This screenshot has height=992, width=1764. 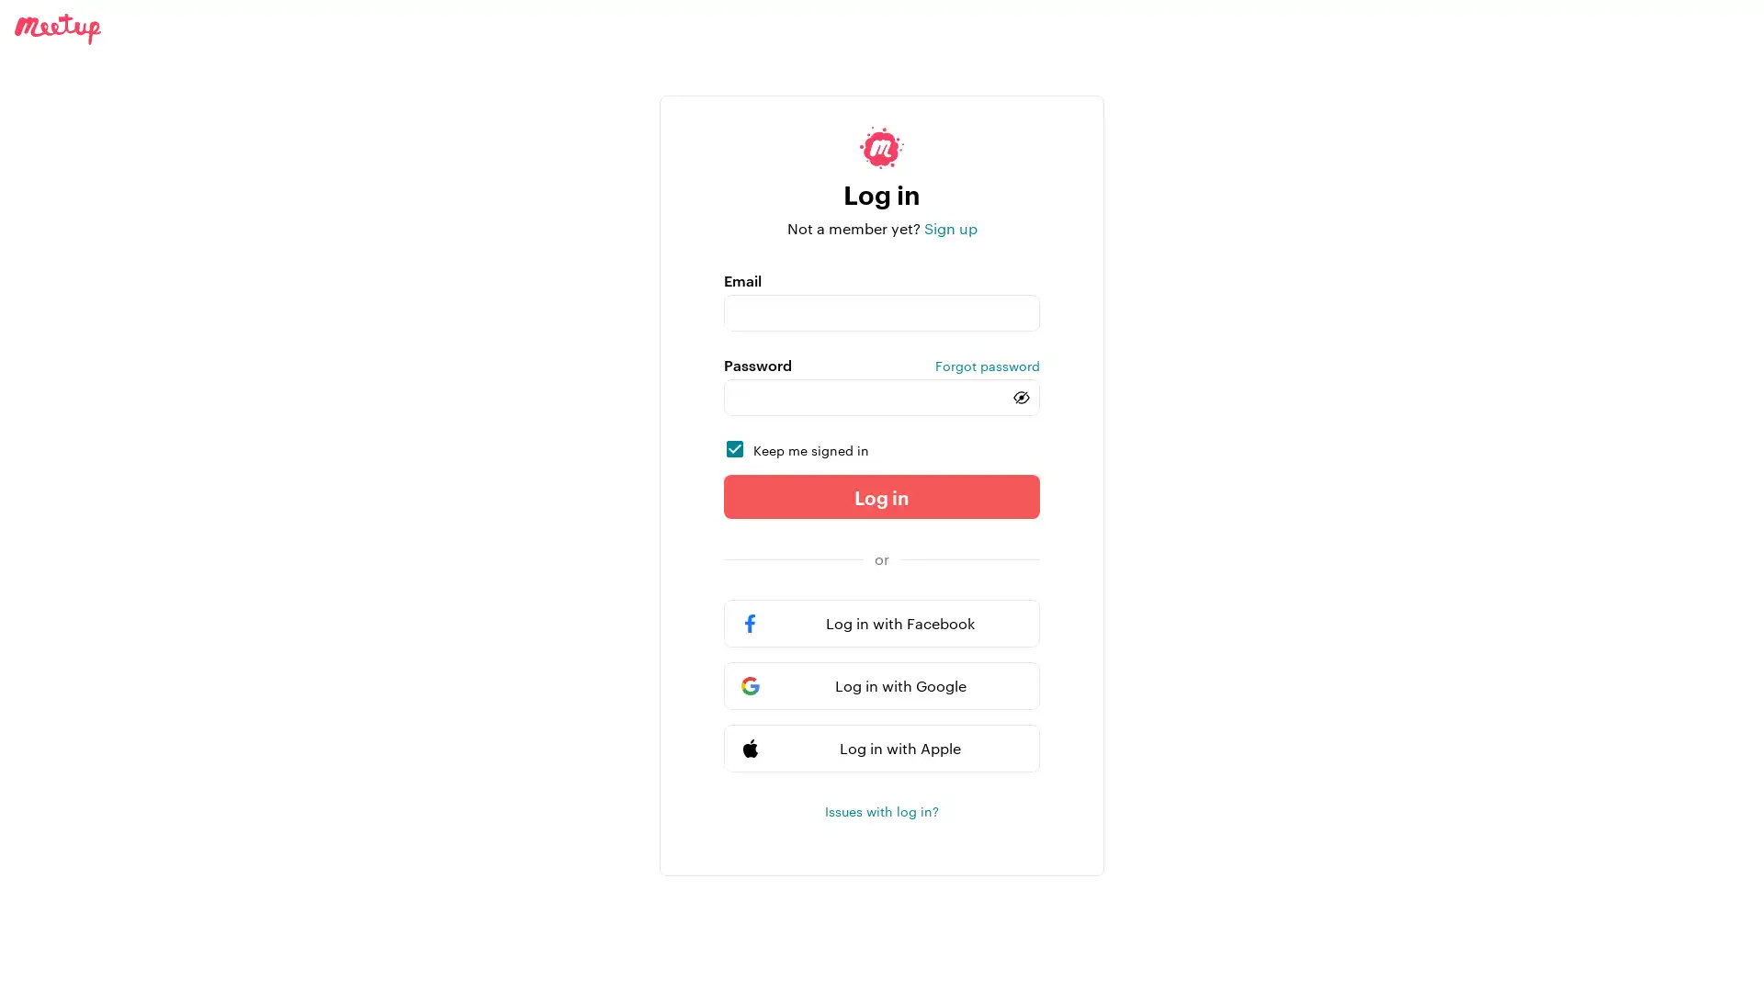 What do you see at coordinates (882, 686) in the screenshot?
I see `Log in with Google` at bounding box center [882, 686].